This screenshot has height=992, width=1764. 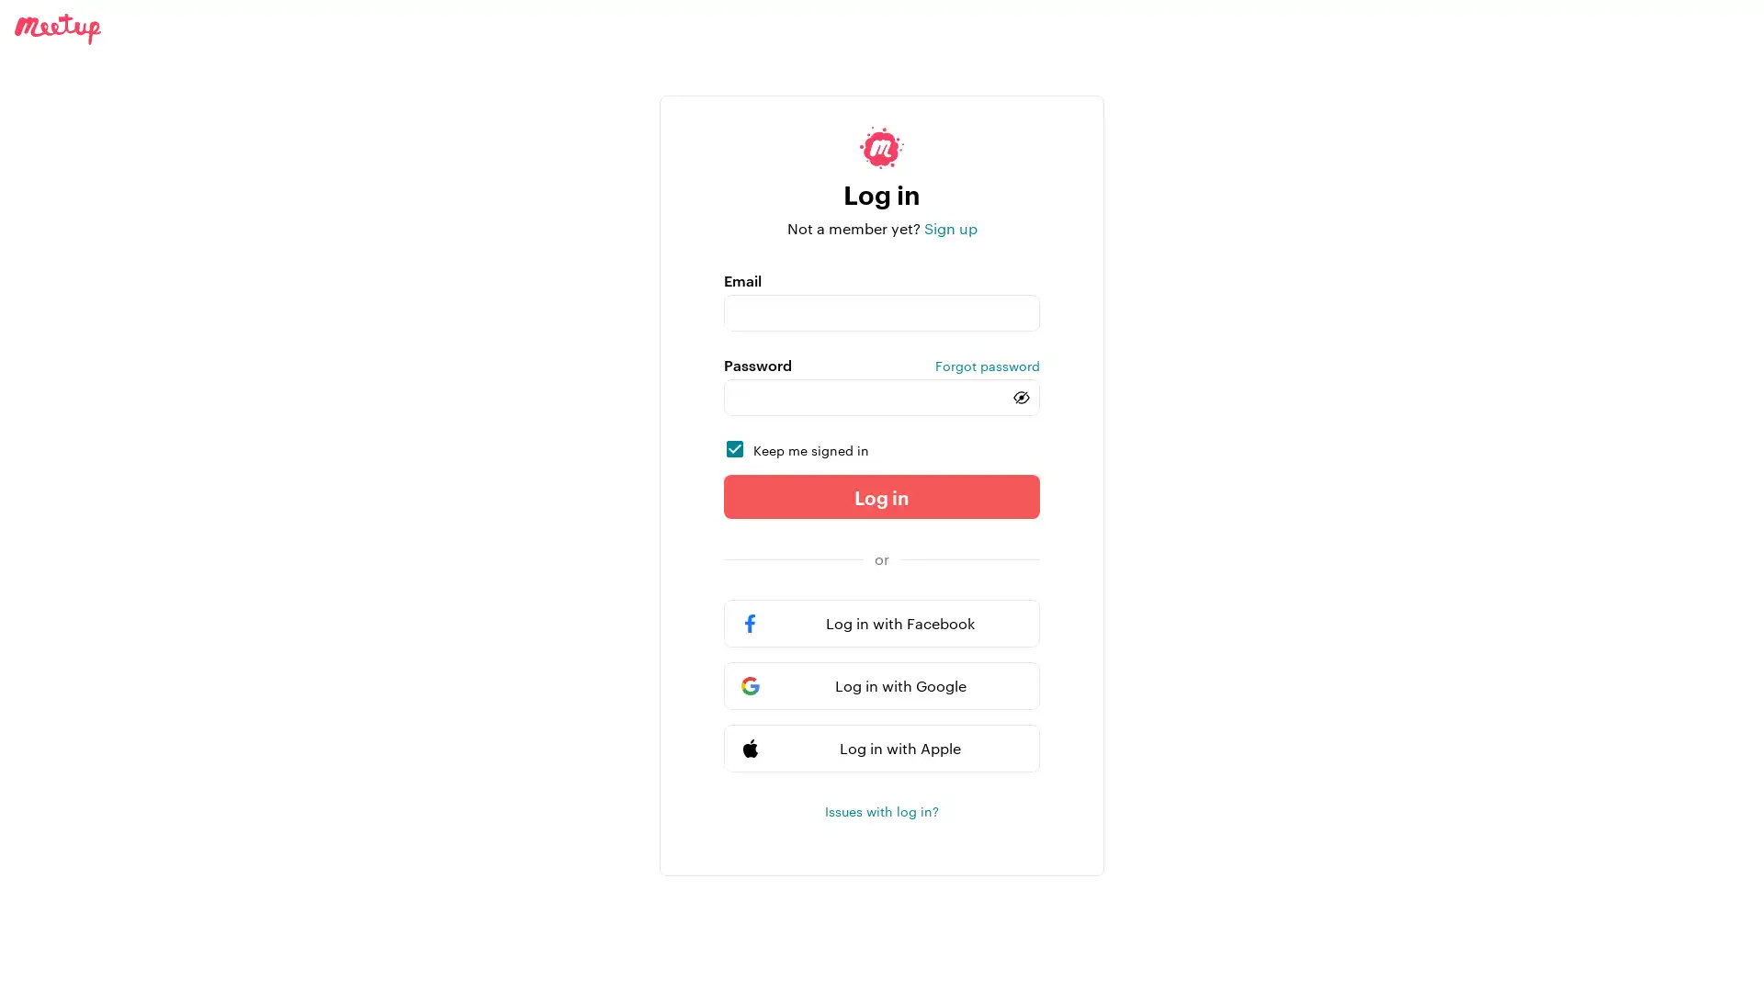 What do you see at coordinates (882, 686) in the screenshot?
I see `Log in with Google` at bounding box center [882, 686].